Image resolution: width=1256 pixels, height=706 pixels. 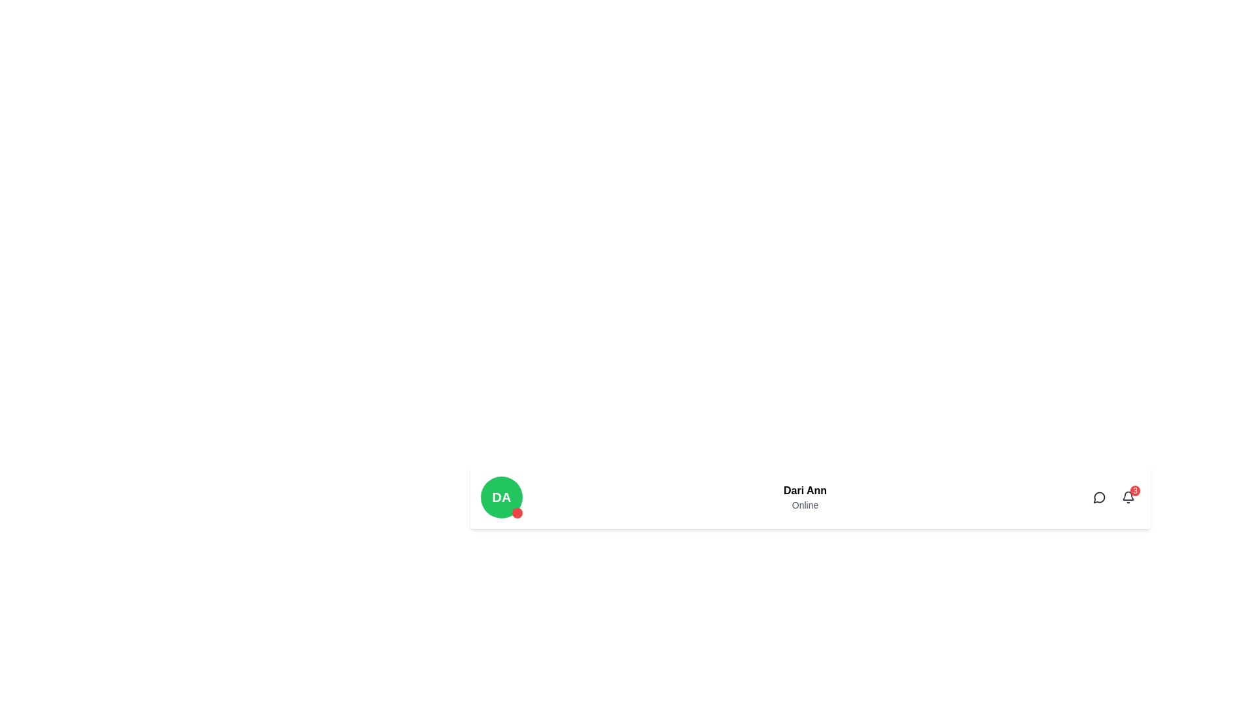 I want to click on notification badge at the far right end of the horizontal row to read the notification count of three new alerts, so click(x=1127, y=497).